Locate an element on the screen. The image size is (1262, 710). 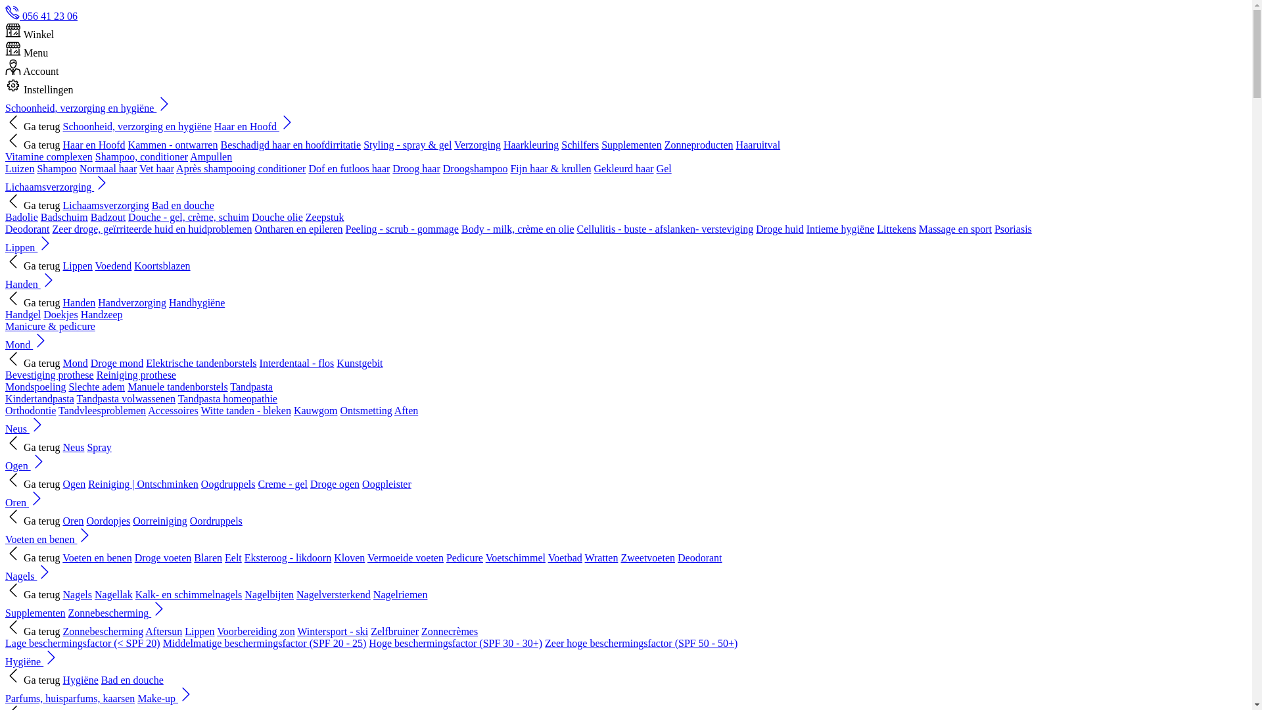
'Tandpasta volwassenen' is located at coordinates (126, 398).